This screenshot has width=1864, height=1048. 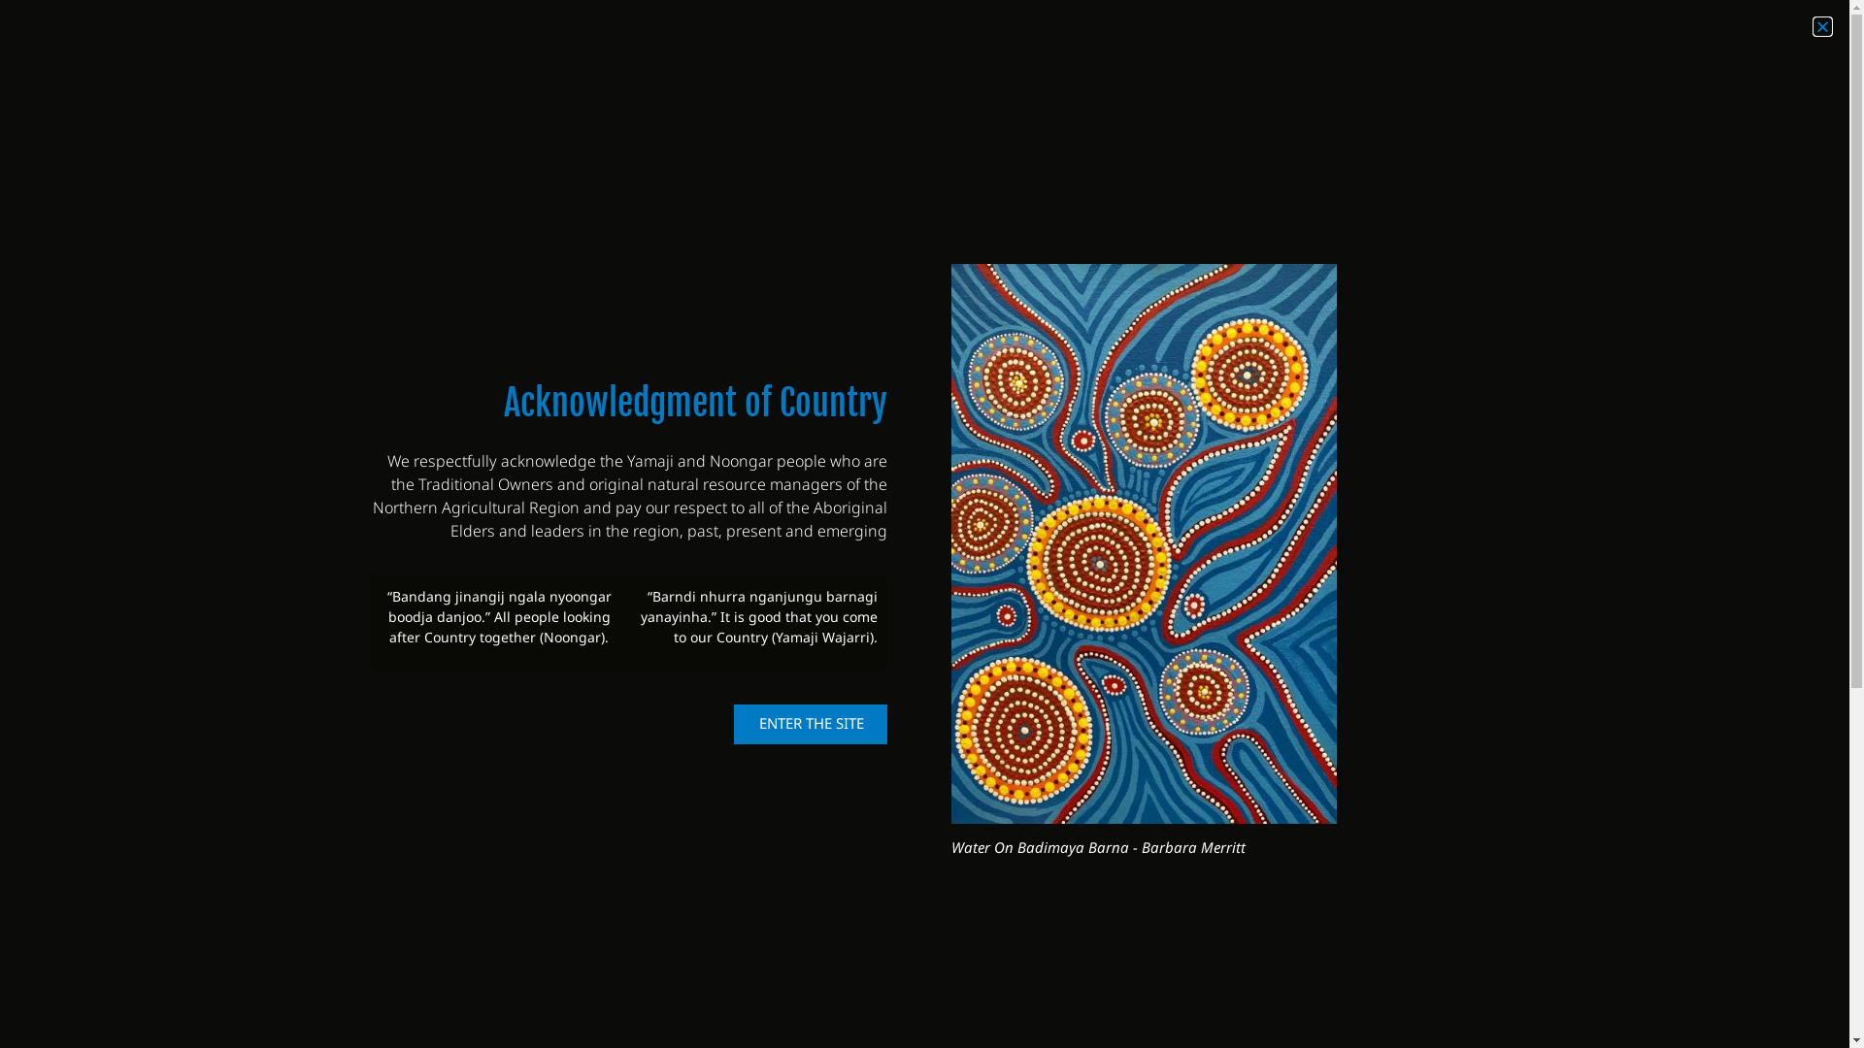 I want to click on 'NRM GOALS', so click(x=1225, y=100).